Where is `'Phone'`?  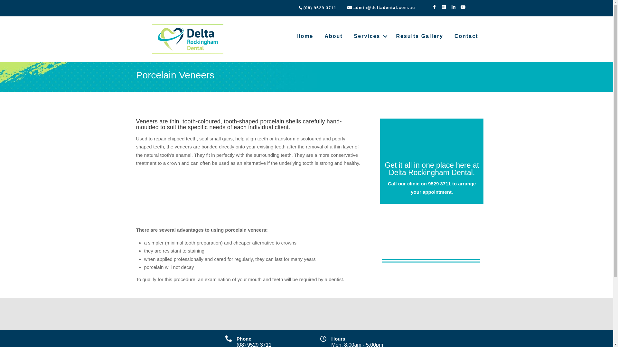
'Phone' is located at coordinates (244, 338).